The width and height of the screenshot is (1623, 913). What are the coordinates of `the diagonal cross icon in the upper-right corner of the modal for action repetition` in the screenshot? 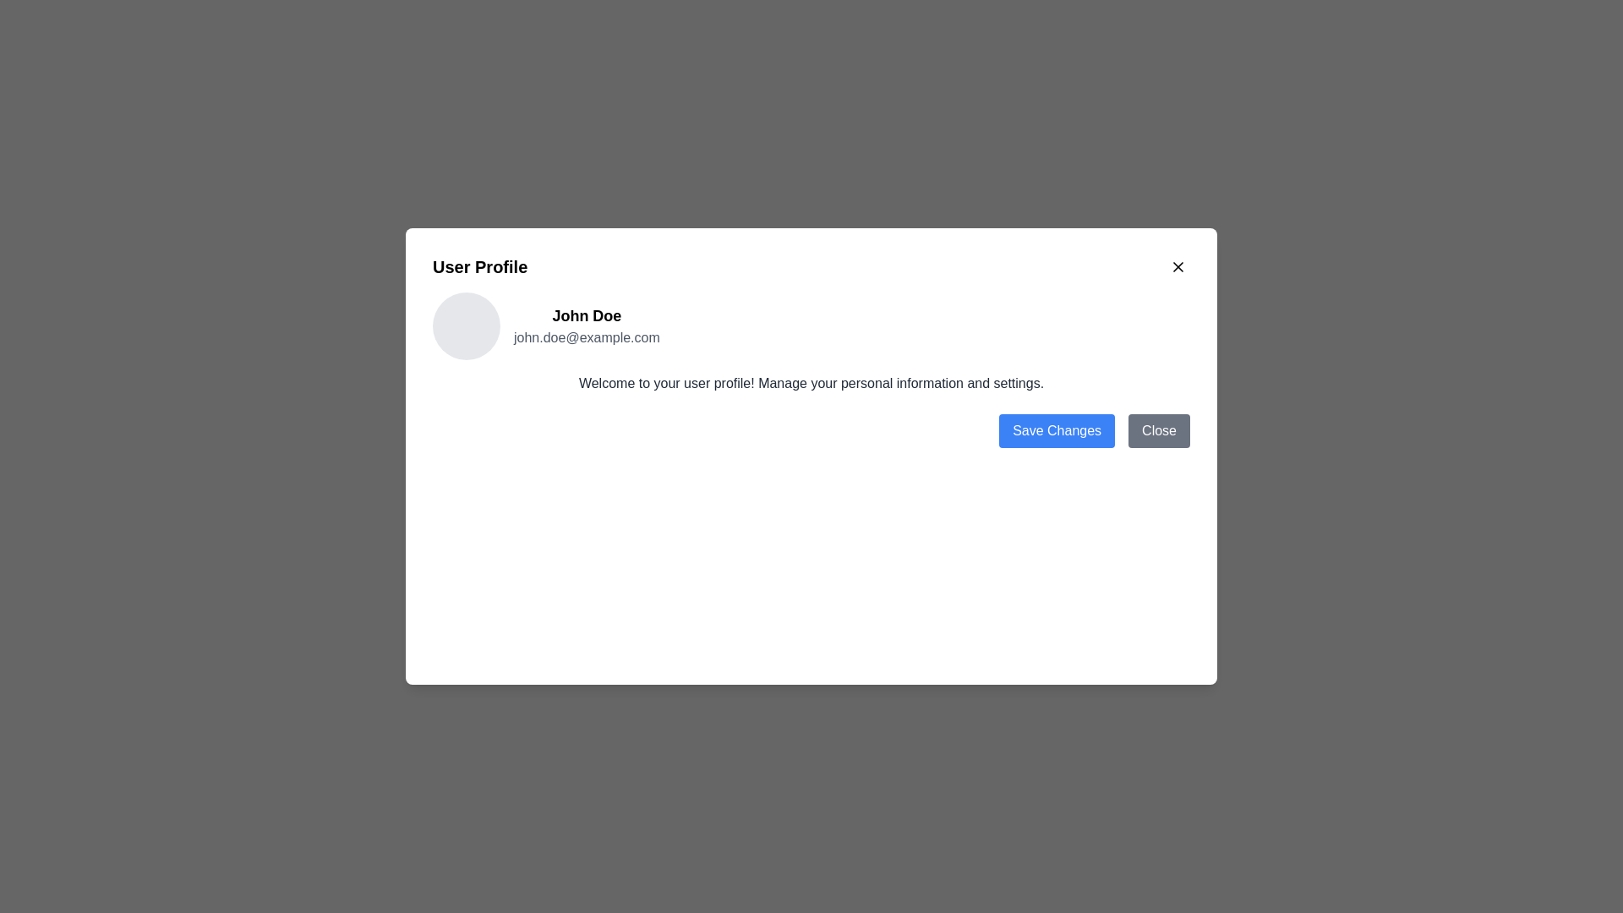 It's located at (1177, 266).